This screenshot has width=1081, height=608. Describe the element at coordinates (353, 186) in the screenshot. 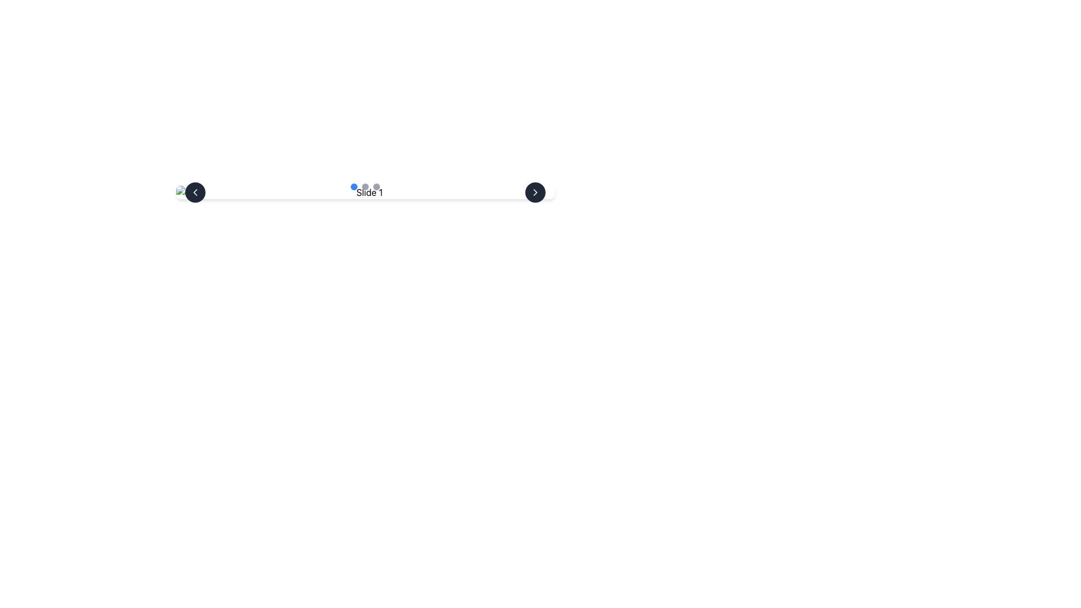

I see `the small, circular blue button located at the far left of the navigation indicators` at that location.